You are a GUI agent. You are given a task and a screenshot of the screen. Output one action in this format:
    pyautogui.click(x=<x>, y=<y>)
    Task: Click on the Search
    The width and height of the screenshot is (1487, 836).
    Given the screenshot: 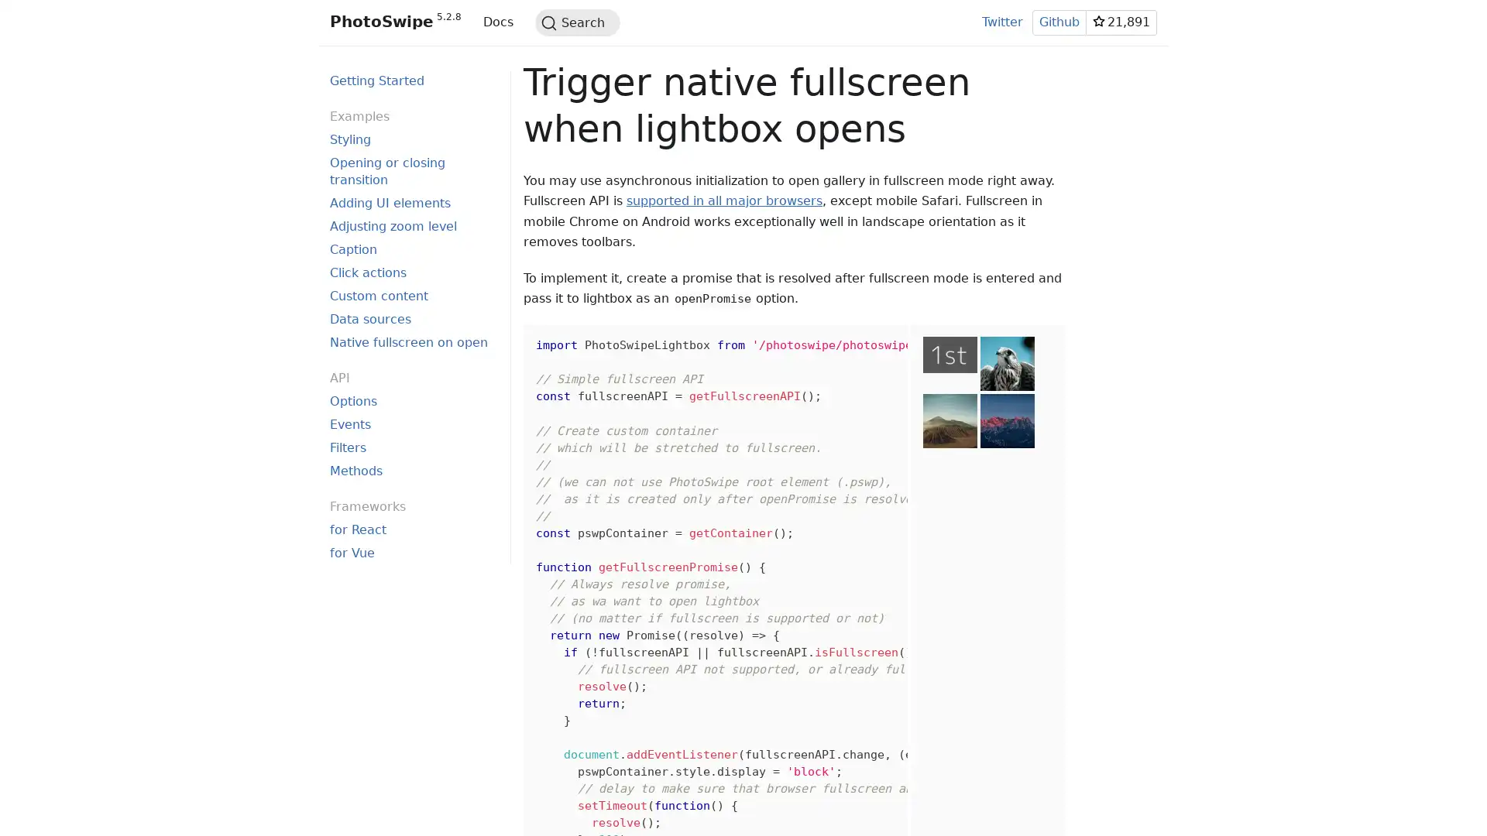 What is the action you would take?
    pyautogui.click(x=576, y=22)
    